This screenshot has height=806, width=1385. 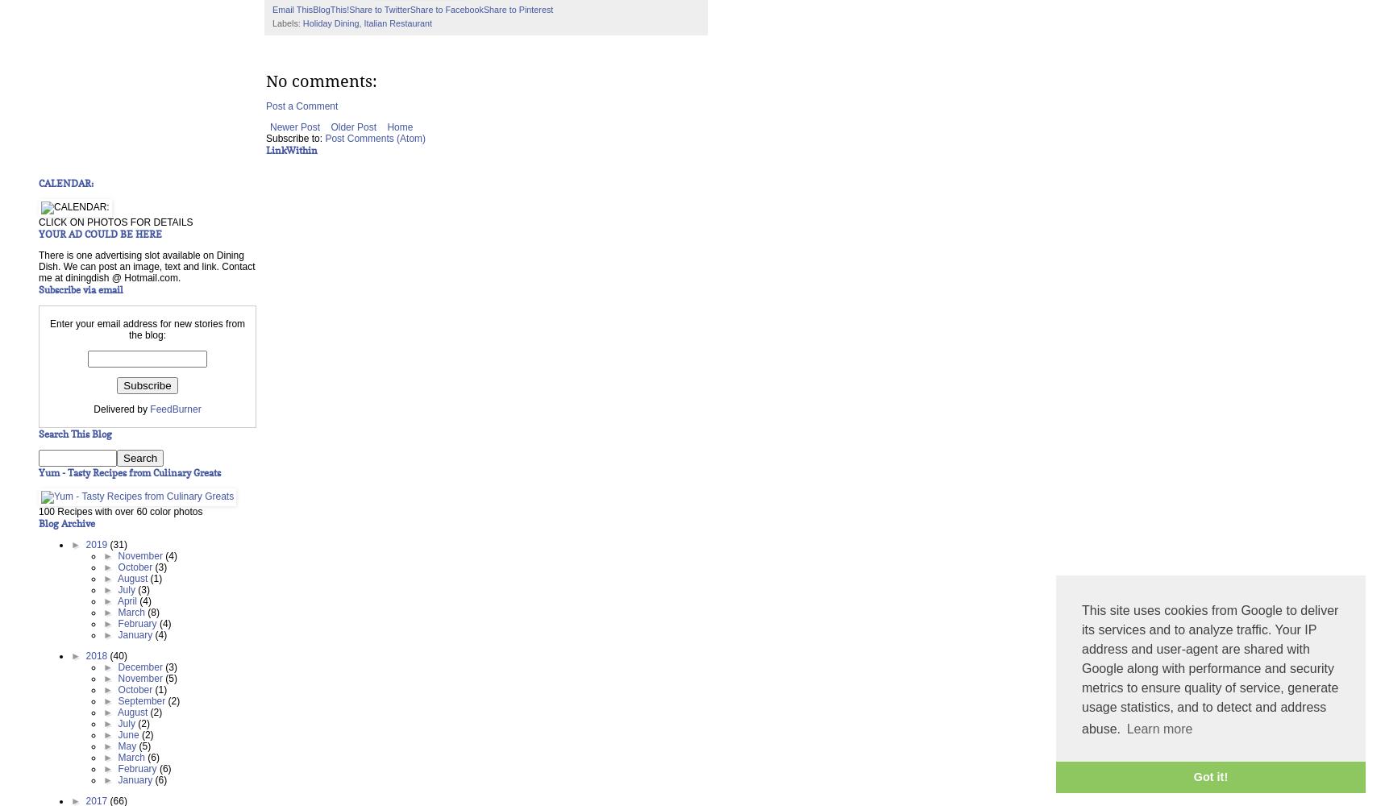 What do you see at coordinates (330, 9) in the screenshot?
I see `'BlogThis!'` at bounding box center [330, 9].